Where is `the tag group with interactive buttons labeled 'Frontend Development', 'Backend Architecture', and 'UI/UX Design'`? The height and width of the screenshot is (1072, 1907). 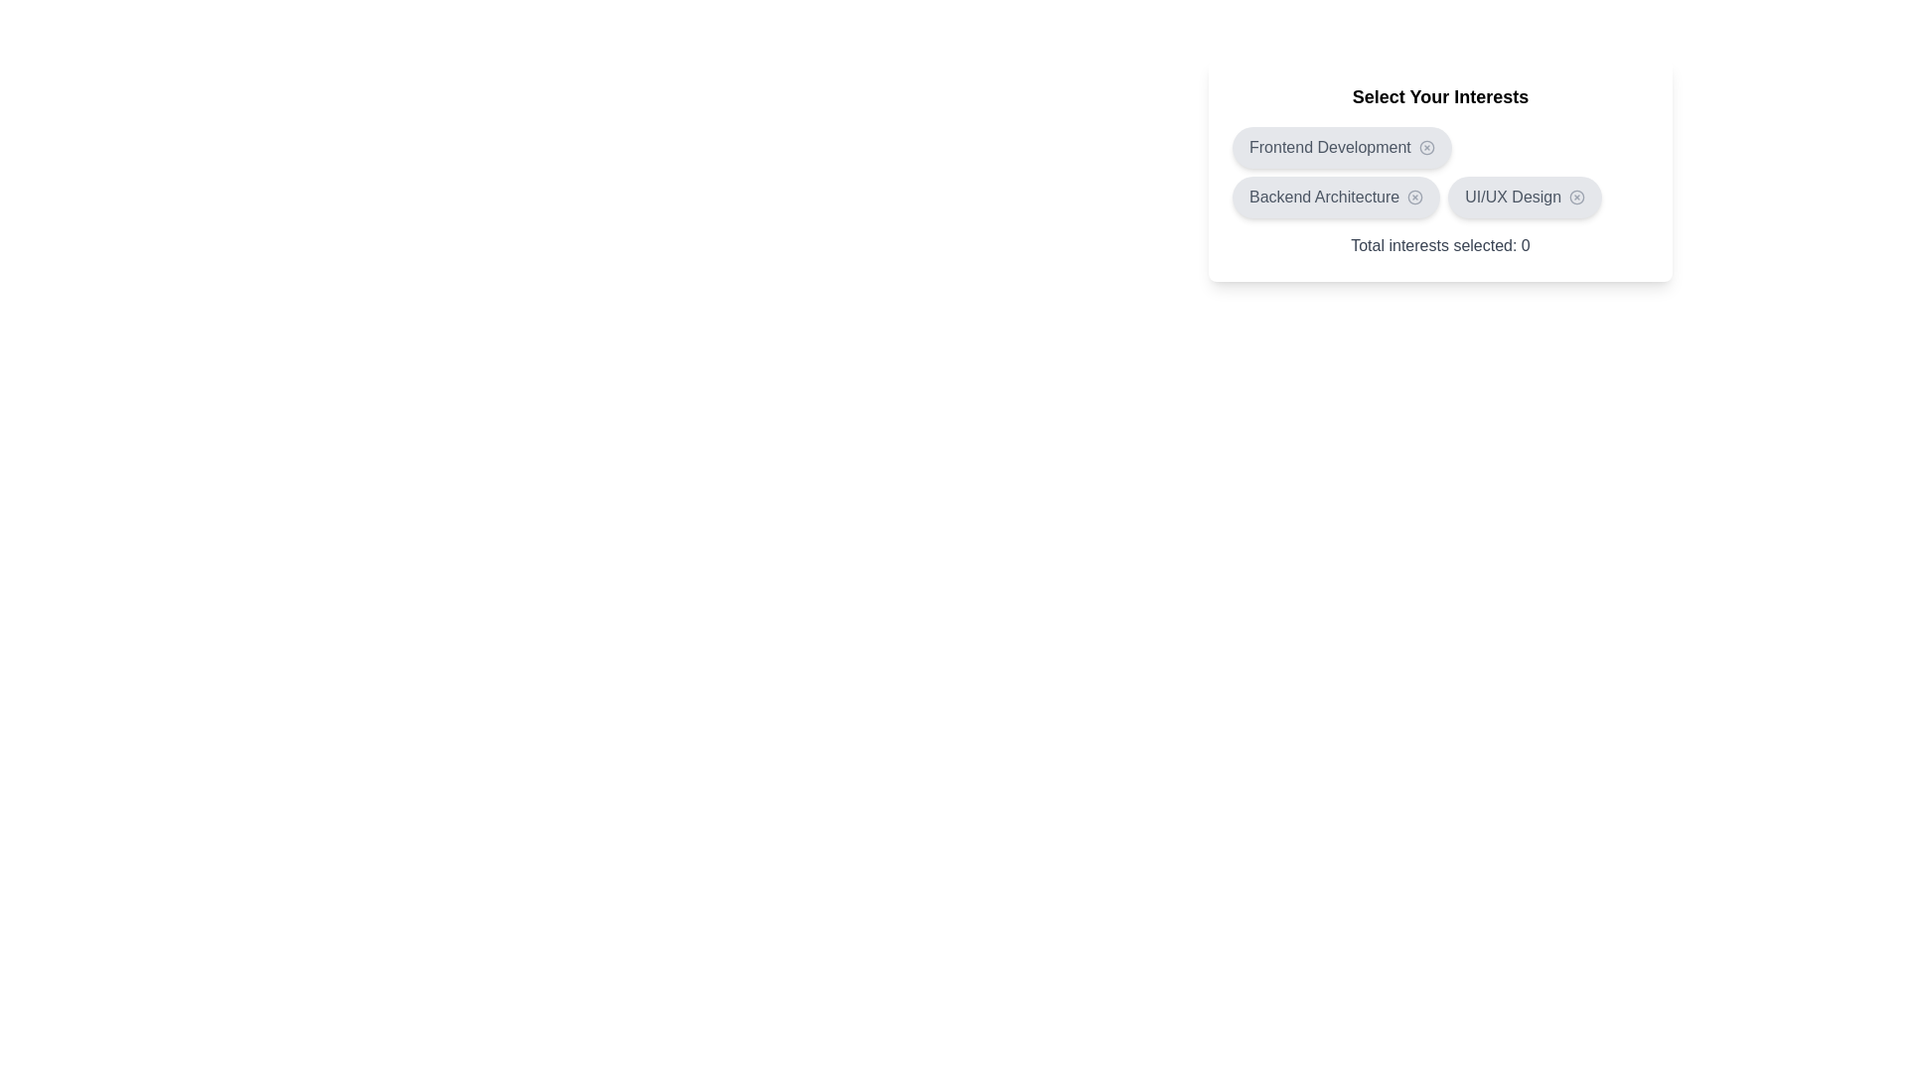
the tag group with interactive buttons labeled 'Frontend Development', 'Backend Architecture', and 'UI/UX Design' is located at coordinates (1439, 171).